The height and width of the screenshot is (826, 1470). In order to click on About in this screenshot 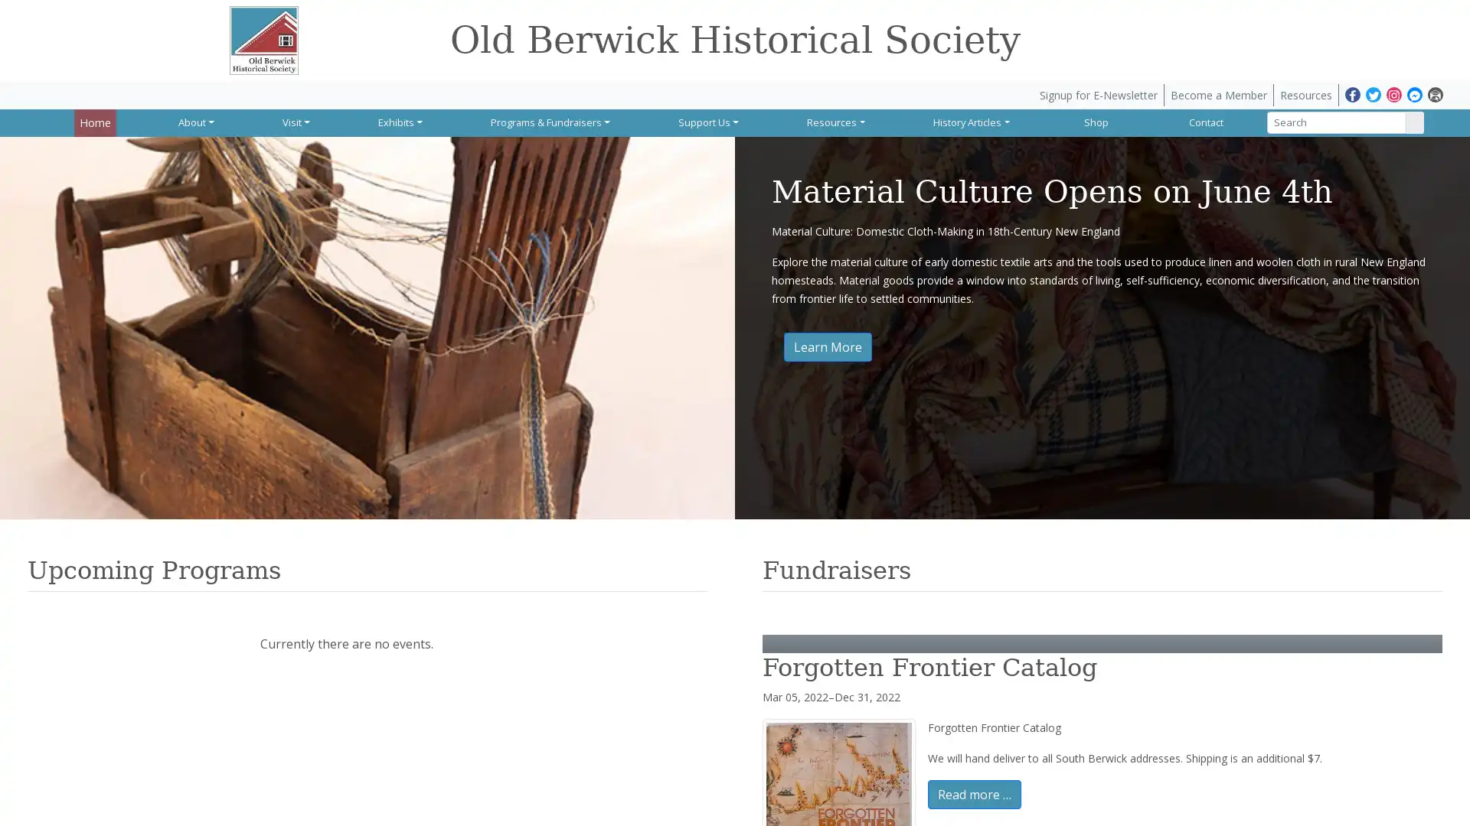, I will do `click(194, 121)`.